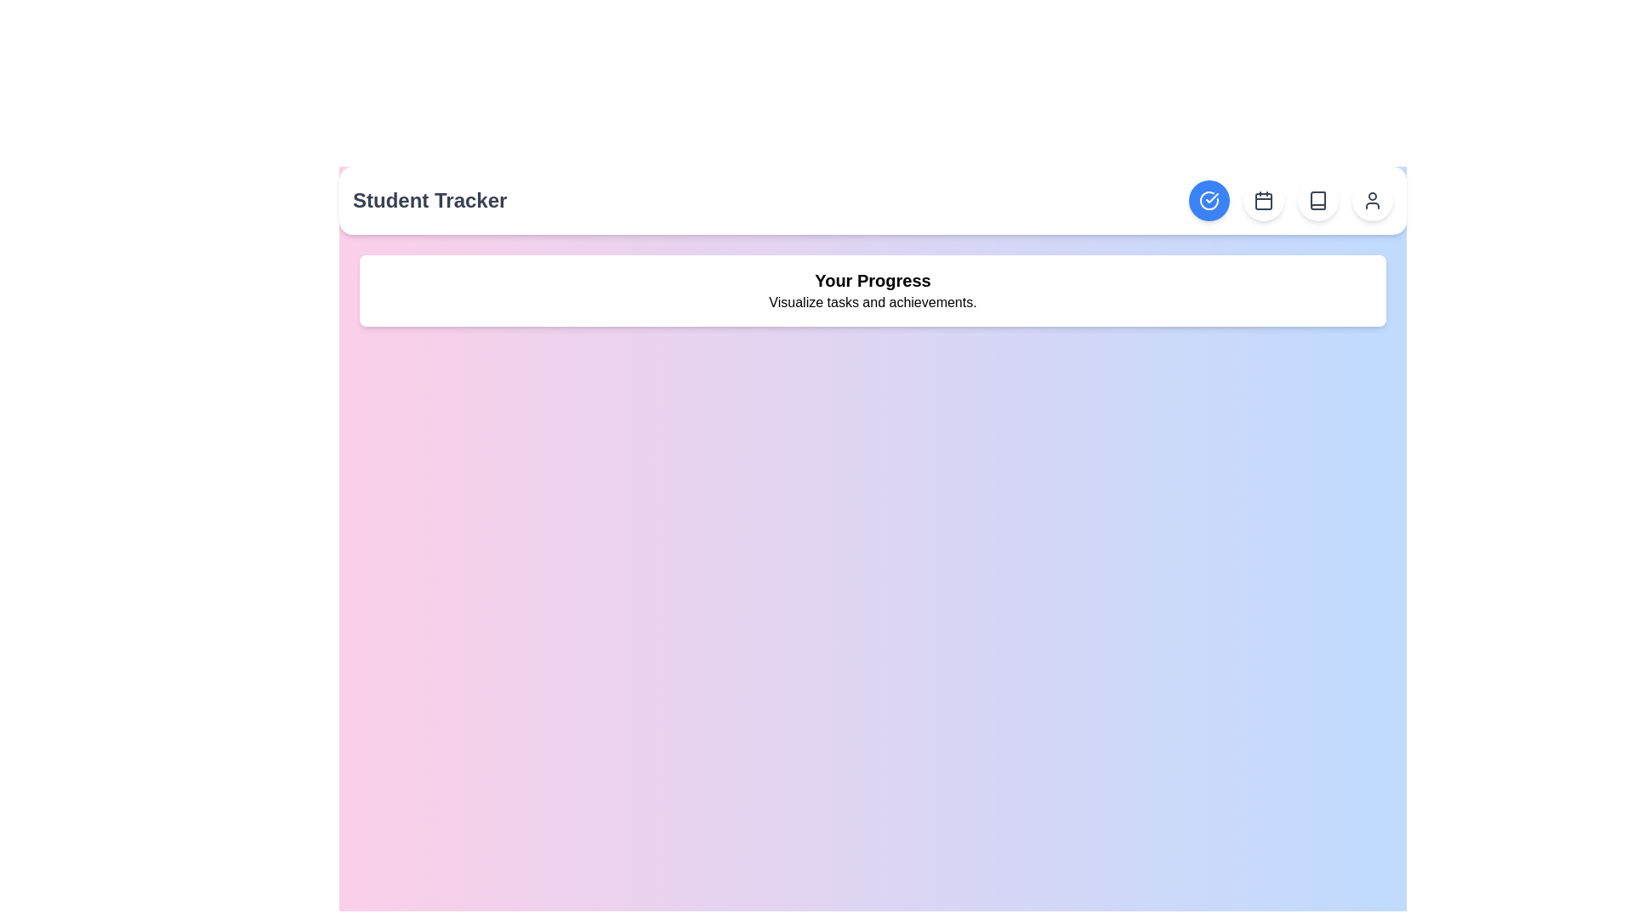 This screenshot has height=919, width=1633. What do you see at coordinates (1317, 199) in the screenshot?
I see `the third icon in the upper-right corner, which serves as a navigation button related to book functionality` at bounding box center [1317, 199].